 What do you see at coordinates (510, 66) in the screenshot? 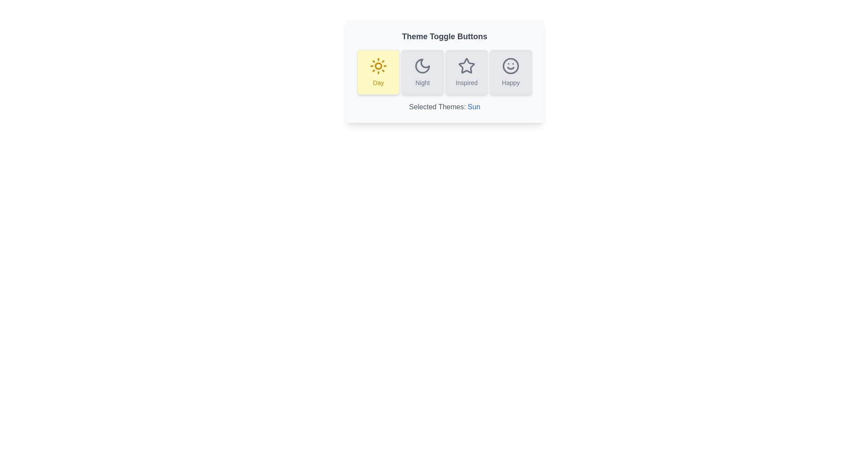
I see `the 'Happy' SVG icon located inside the fourth button of the 'Theme Toggle Buttons' group on the far right` at bounding box center [510, 66].